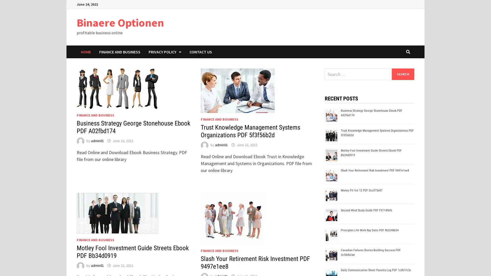 The image size is (491, 276). What do you see at coordinates (403, 74) in the screenshot?
I see `Search` at bounding box center [403, 74].